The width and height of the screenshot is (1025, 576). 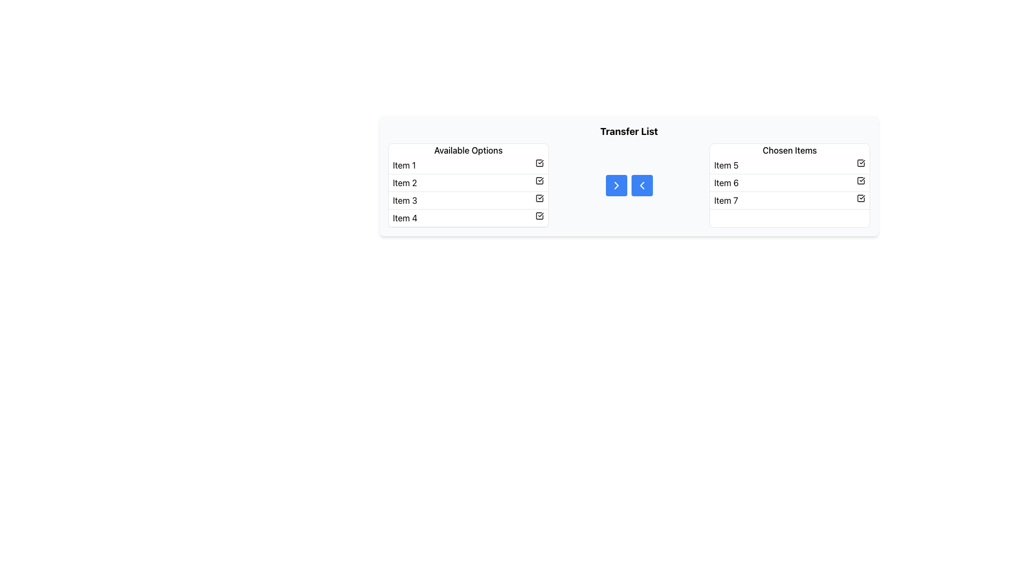 What do you see at coordinates (468, 165) in the screenshot?
I see `the first selectable list item representing 'Item 1' in the 'Available Options' section` at bounding box center [468, 165].